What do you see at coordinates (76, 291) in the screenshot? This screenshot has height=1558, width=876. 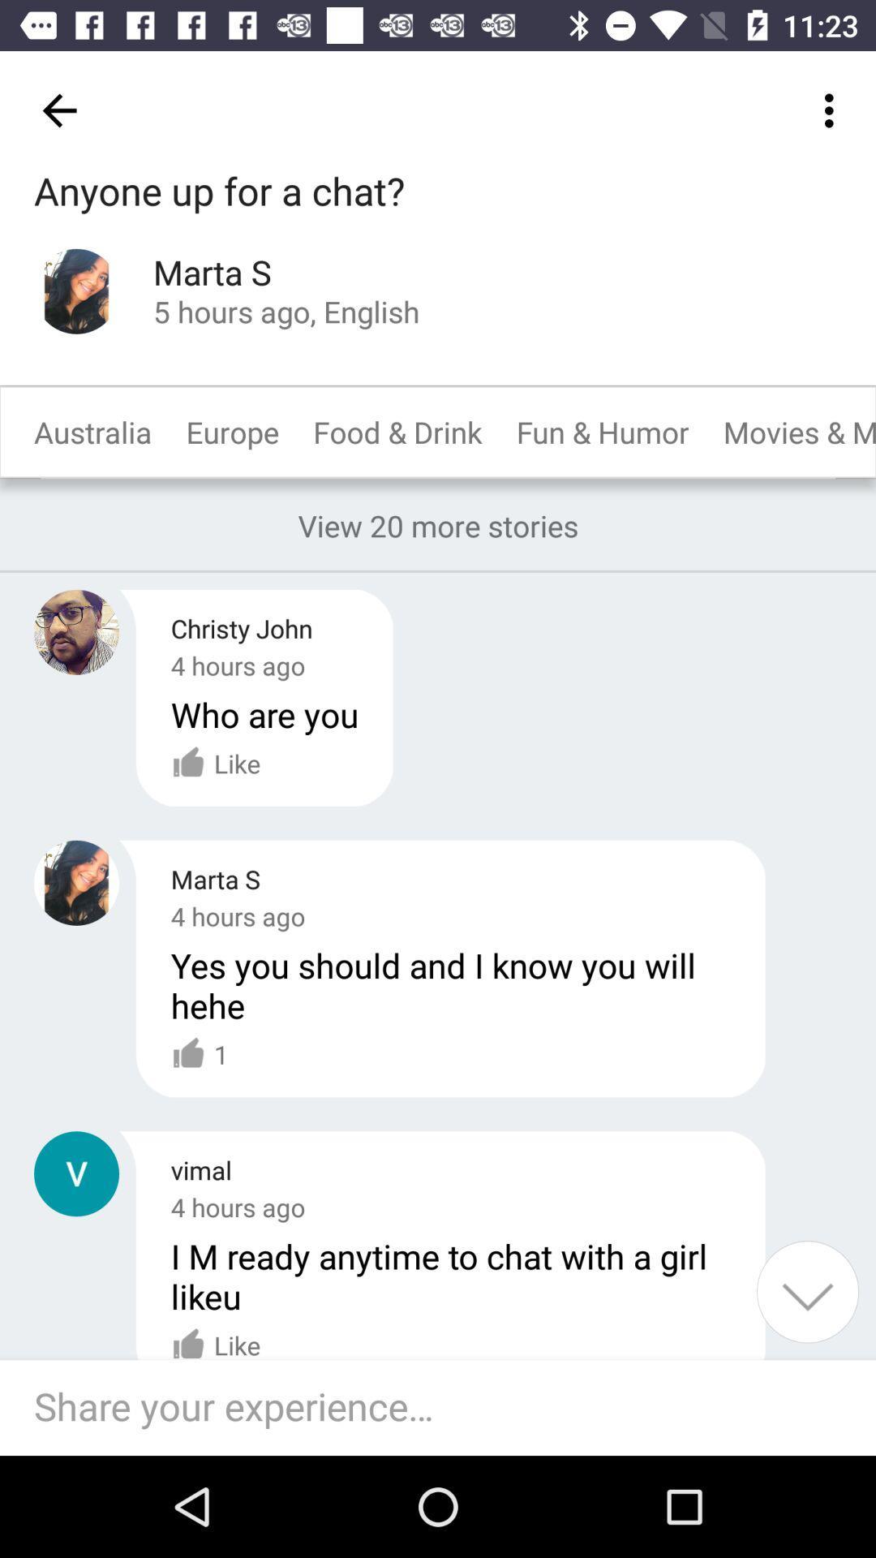 I see `the profile` at bounding box center [76, 291].